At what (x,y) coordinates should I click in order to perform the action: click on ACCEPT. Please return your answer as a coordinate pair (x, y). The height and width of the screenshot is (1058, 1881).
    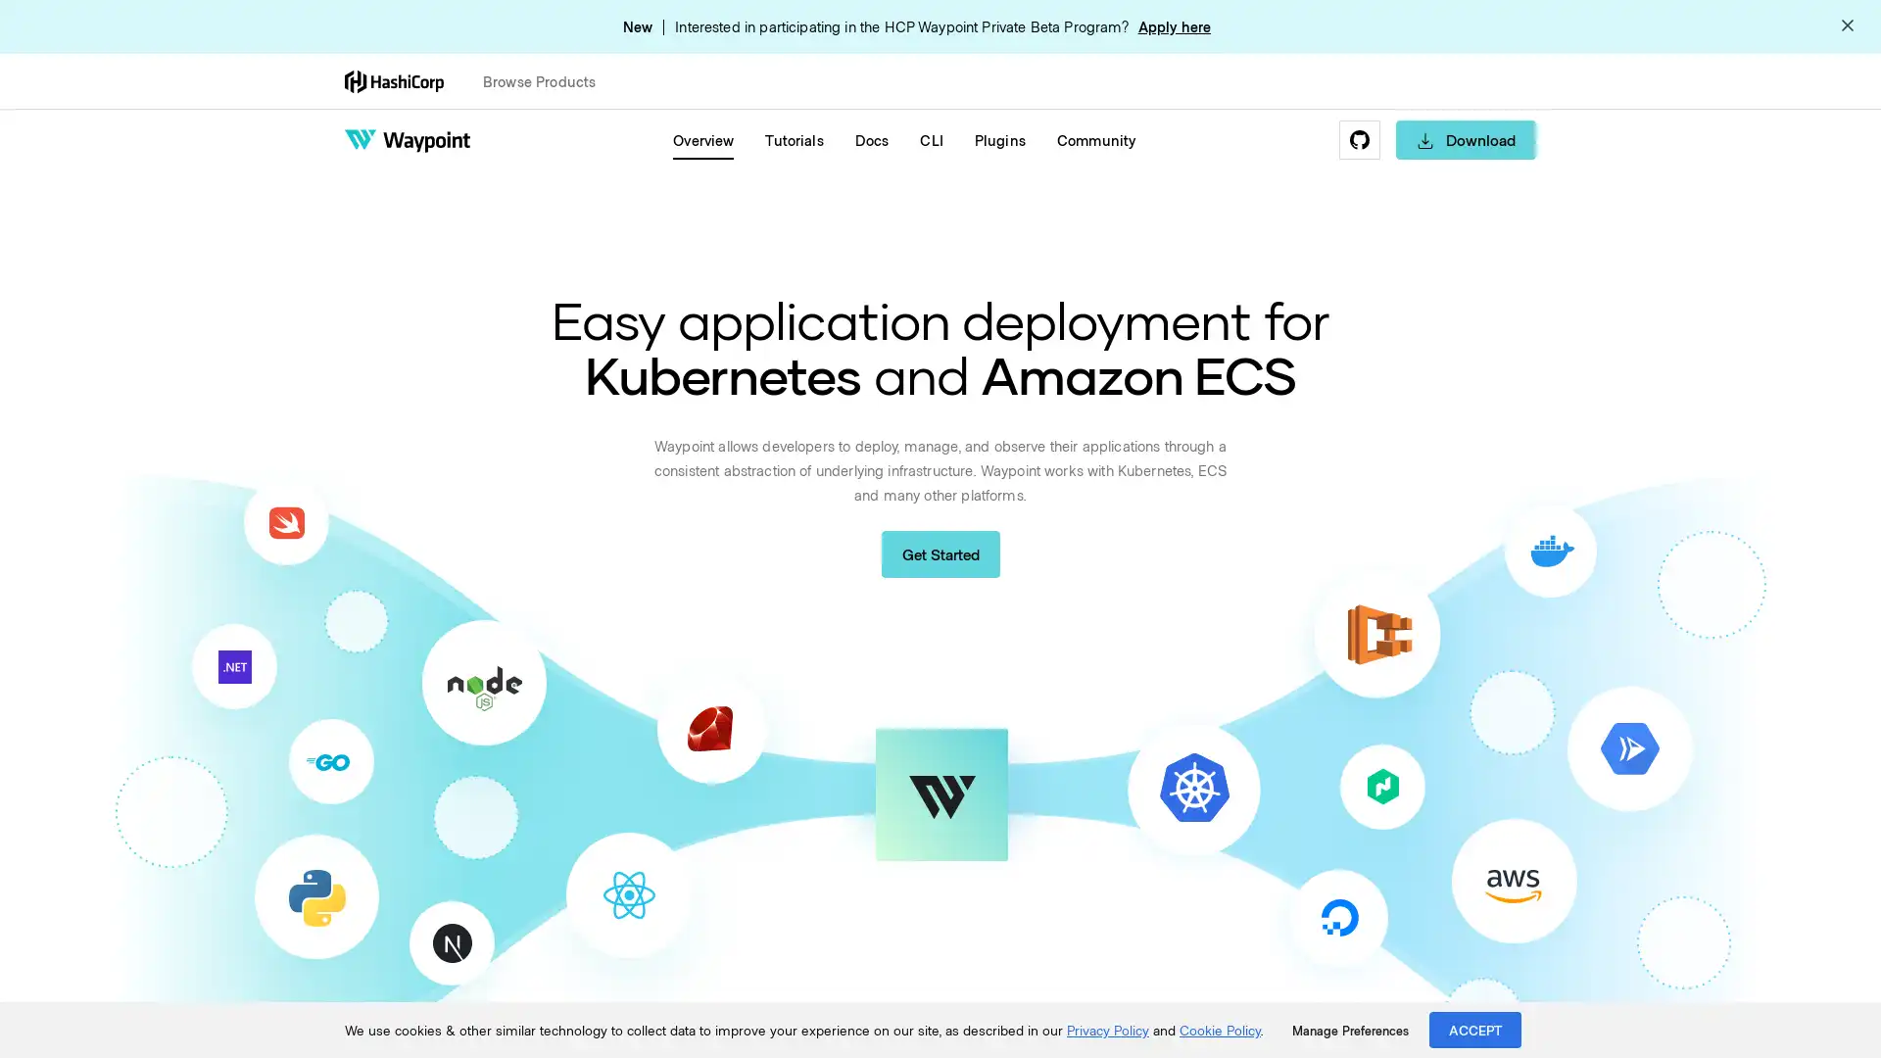
    Looking at the image, I should click on (1475, 1029).